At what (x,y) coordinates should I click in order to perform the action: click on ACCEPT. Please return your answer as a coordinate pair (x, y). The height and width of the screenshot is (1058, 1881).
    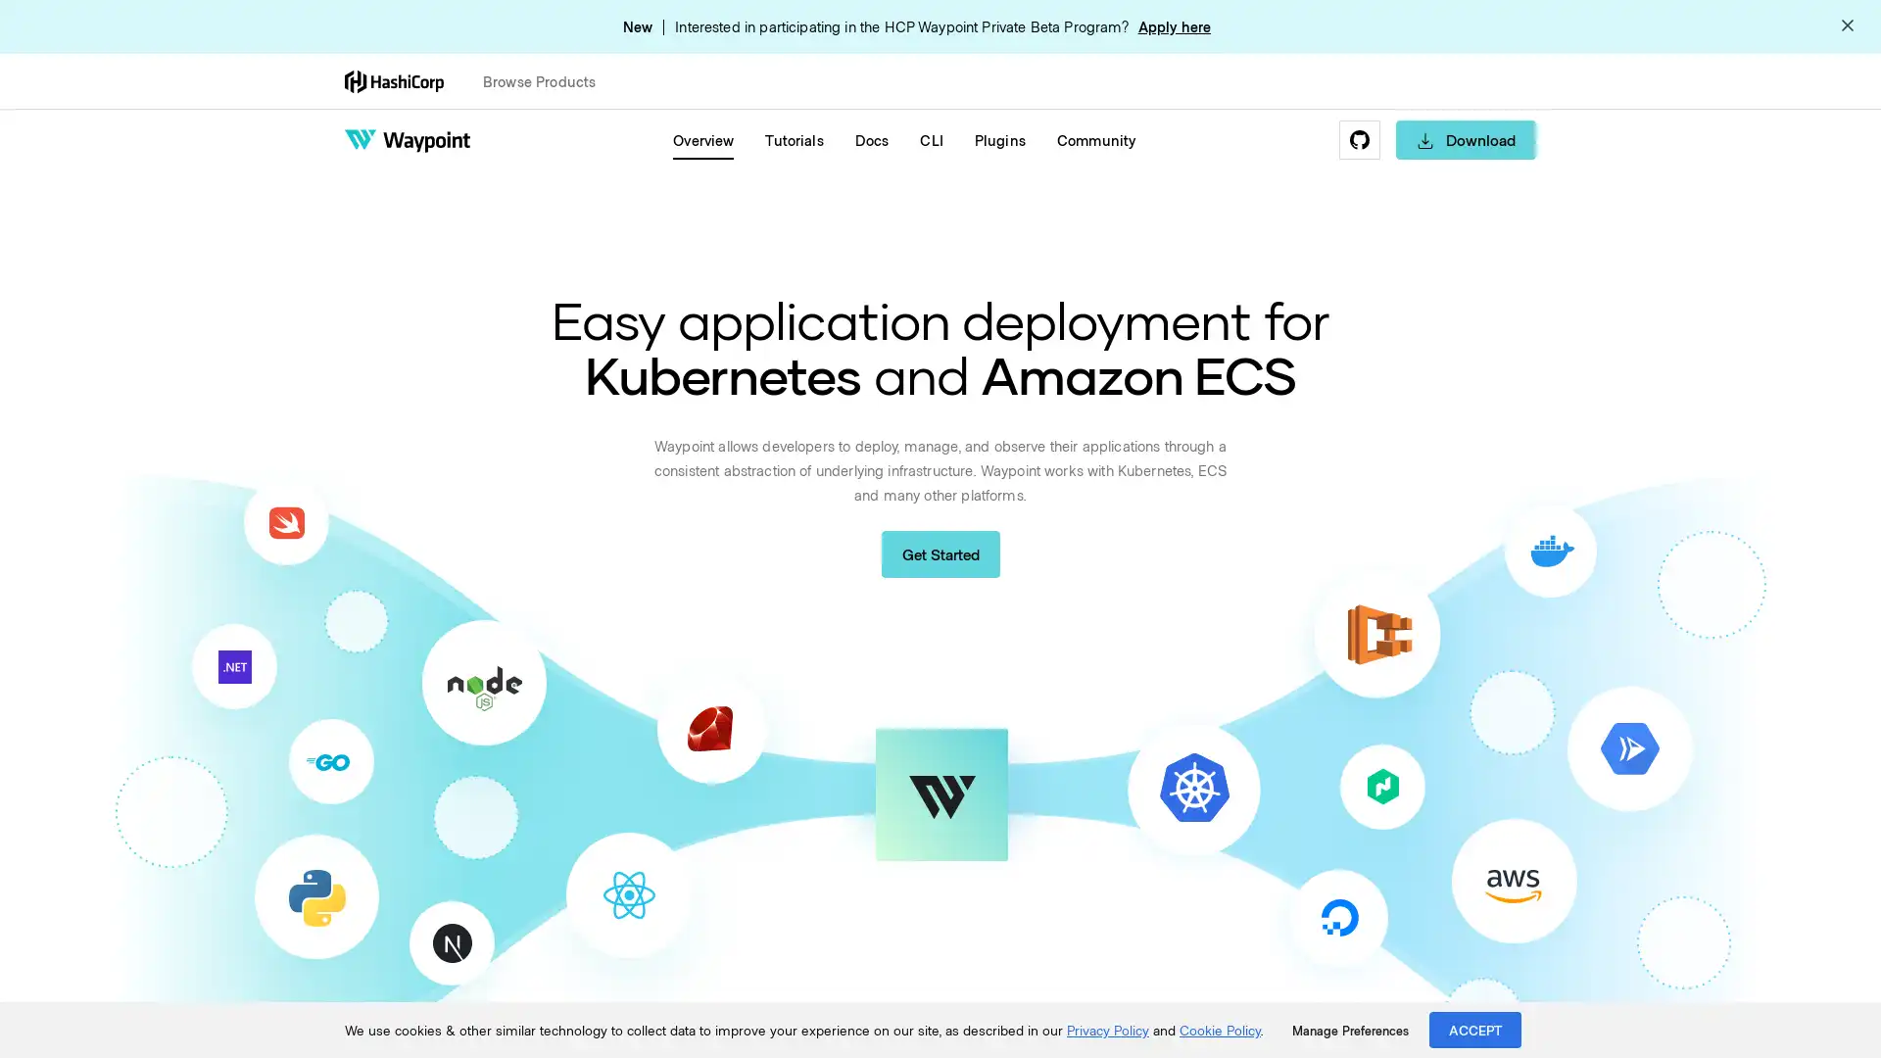
    Looking at the image, I should click on (1475, 1029).